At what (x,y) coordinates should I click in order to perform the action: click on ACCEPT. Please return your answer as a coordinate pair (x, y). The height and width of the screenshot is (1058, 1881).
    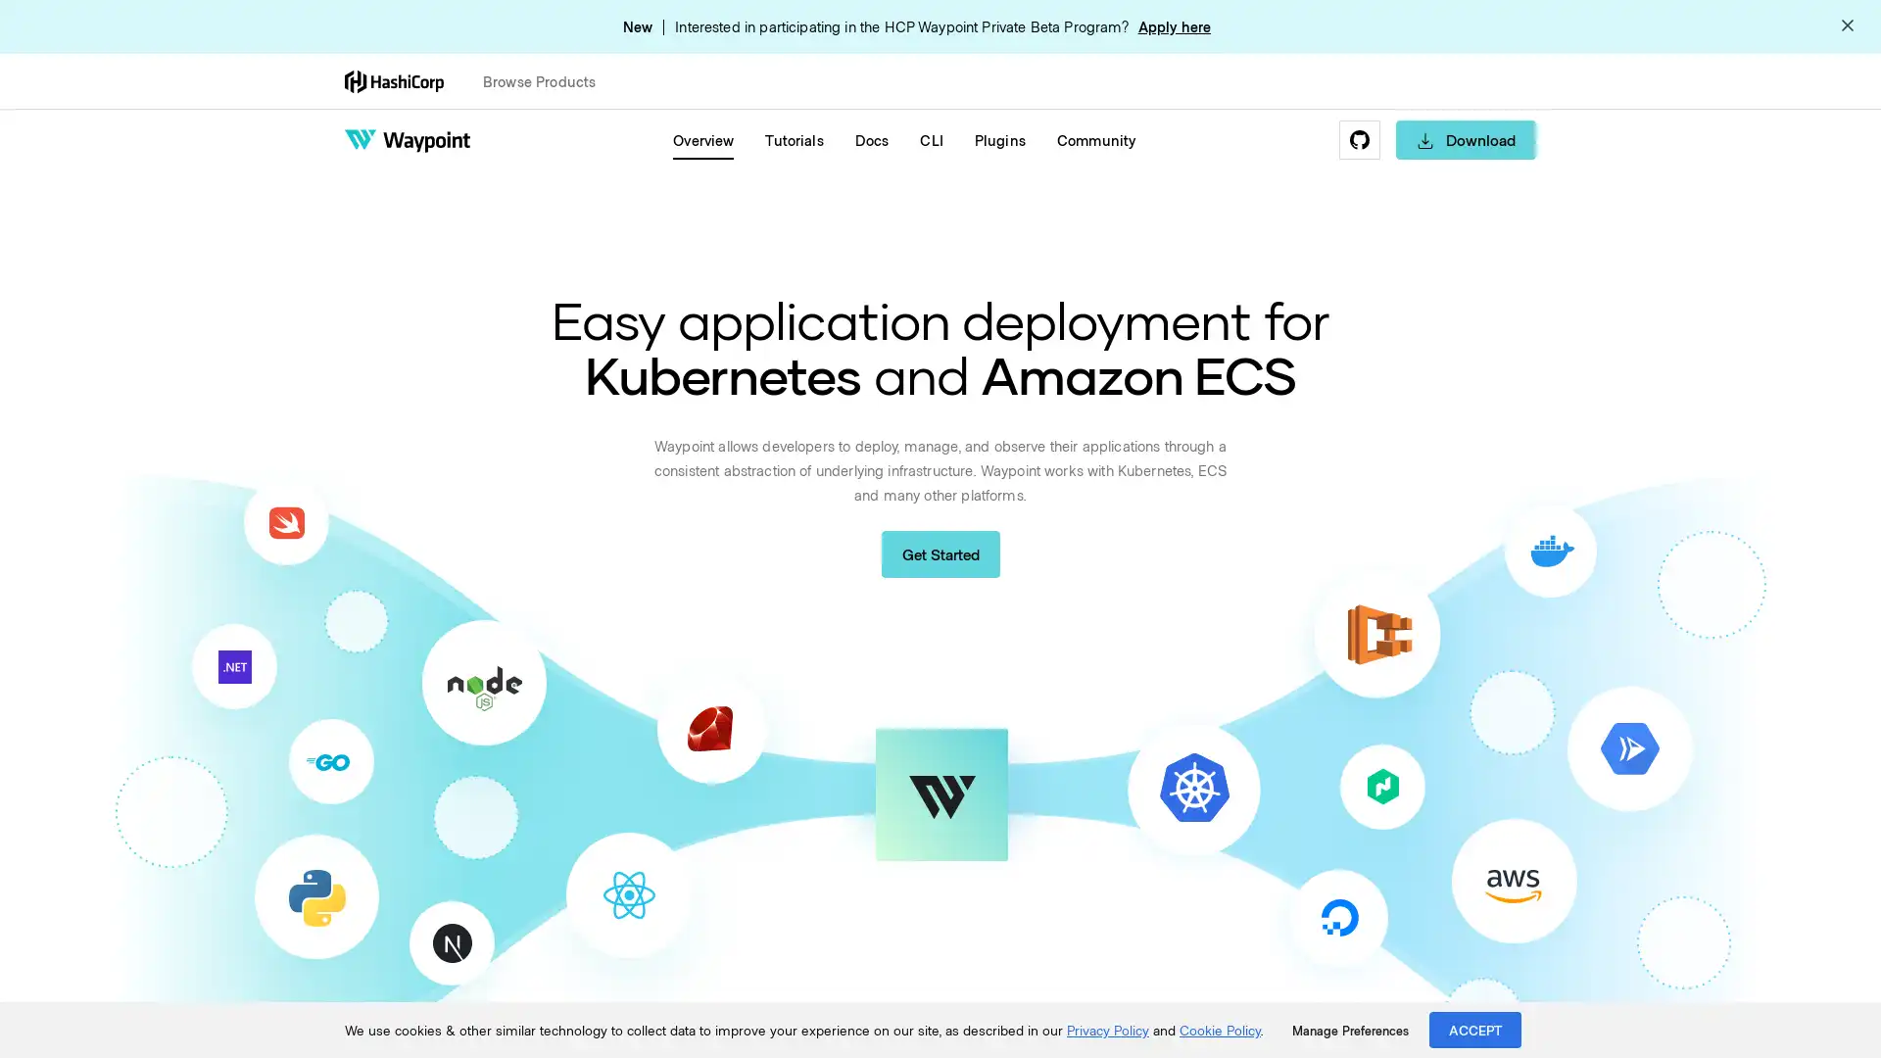
    Looking at the image, I should click on (1475, 1029).